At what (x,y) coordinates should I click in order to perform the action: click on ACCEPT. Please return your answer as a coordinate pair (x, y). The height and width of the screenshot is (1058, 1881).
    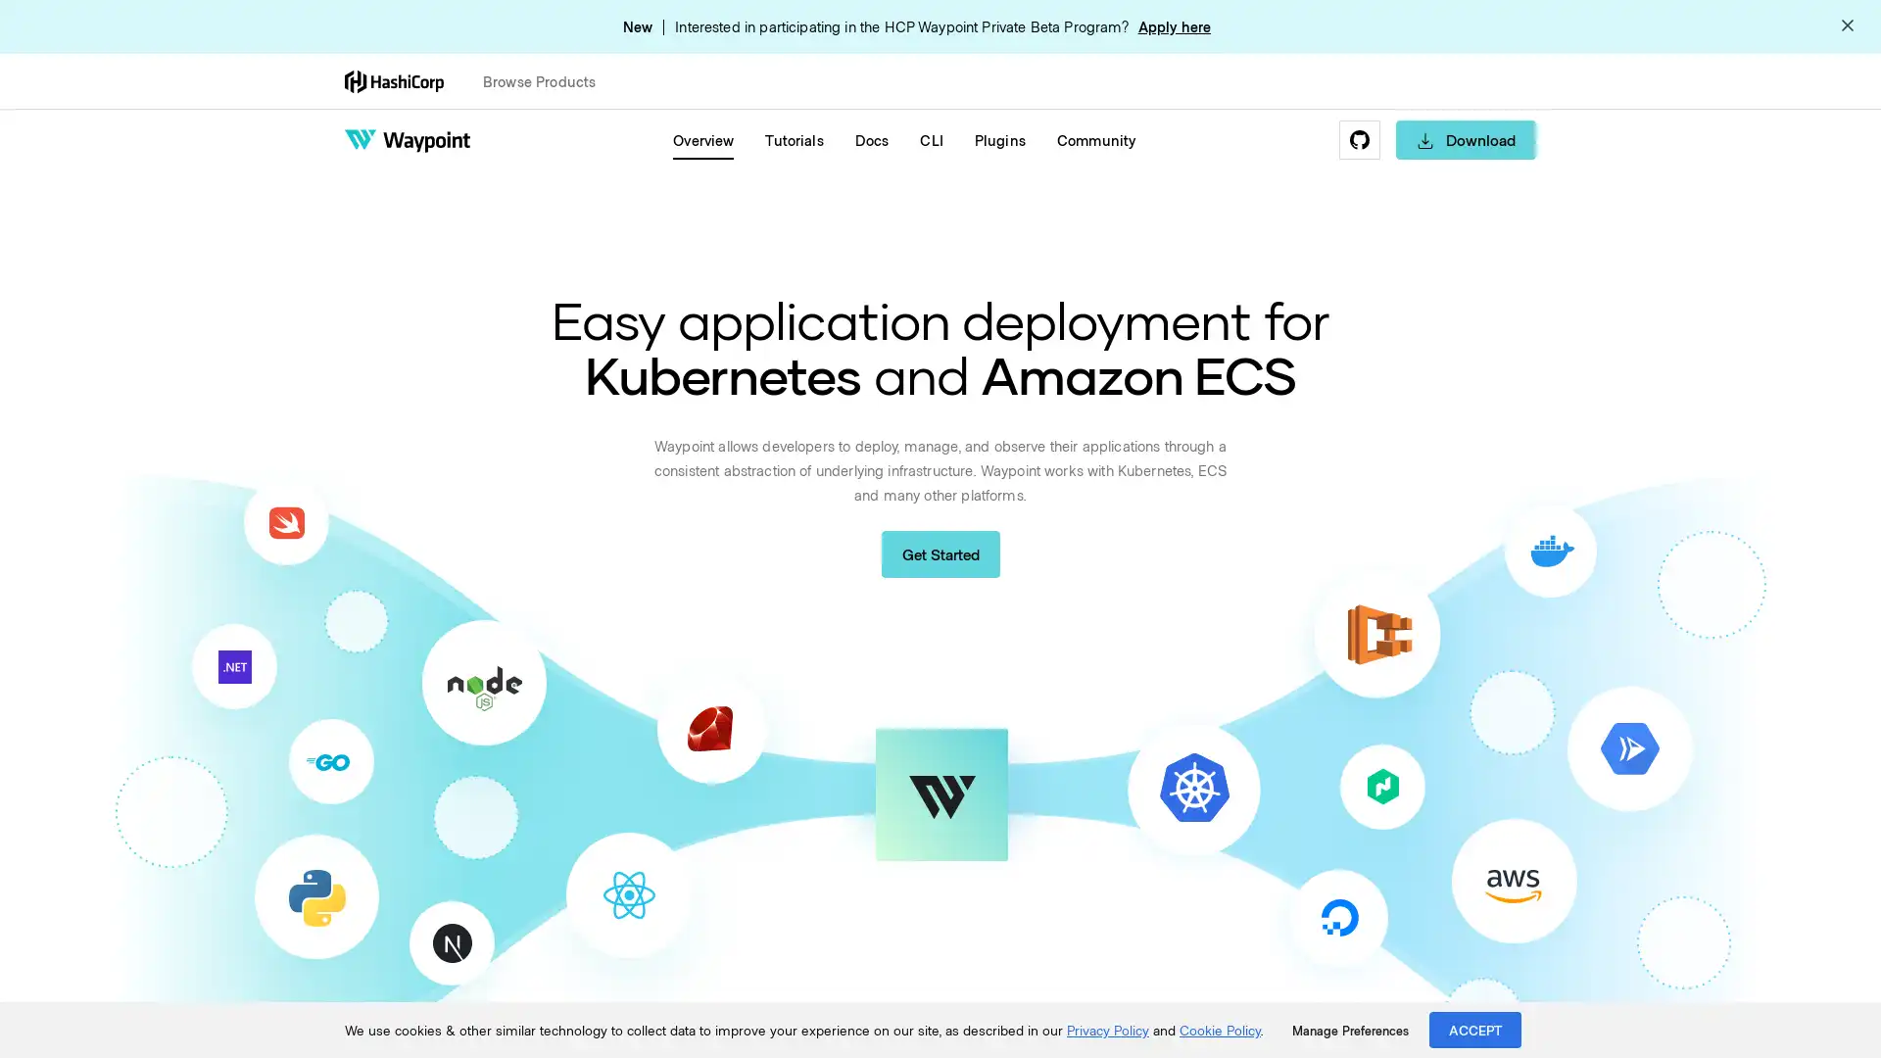
    Looking at the image, I should click on (1475, 1029).